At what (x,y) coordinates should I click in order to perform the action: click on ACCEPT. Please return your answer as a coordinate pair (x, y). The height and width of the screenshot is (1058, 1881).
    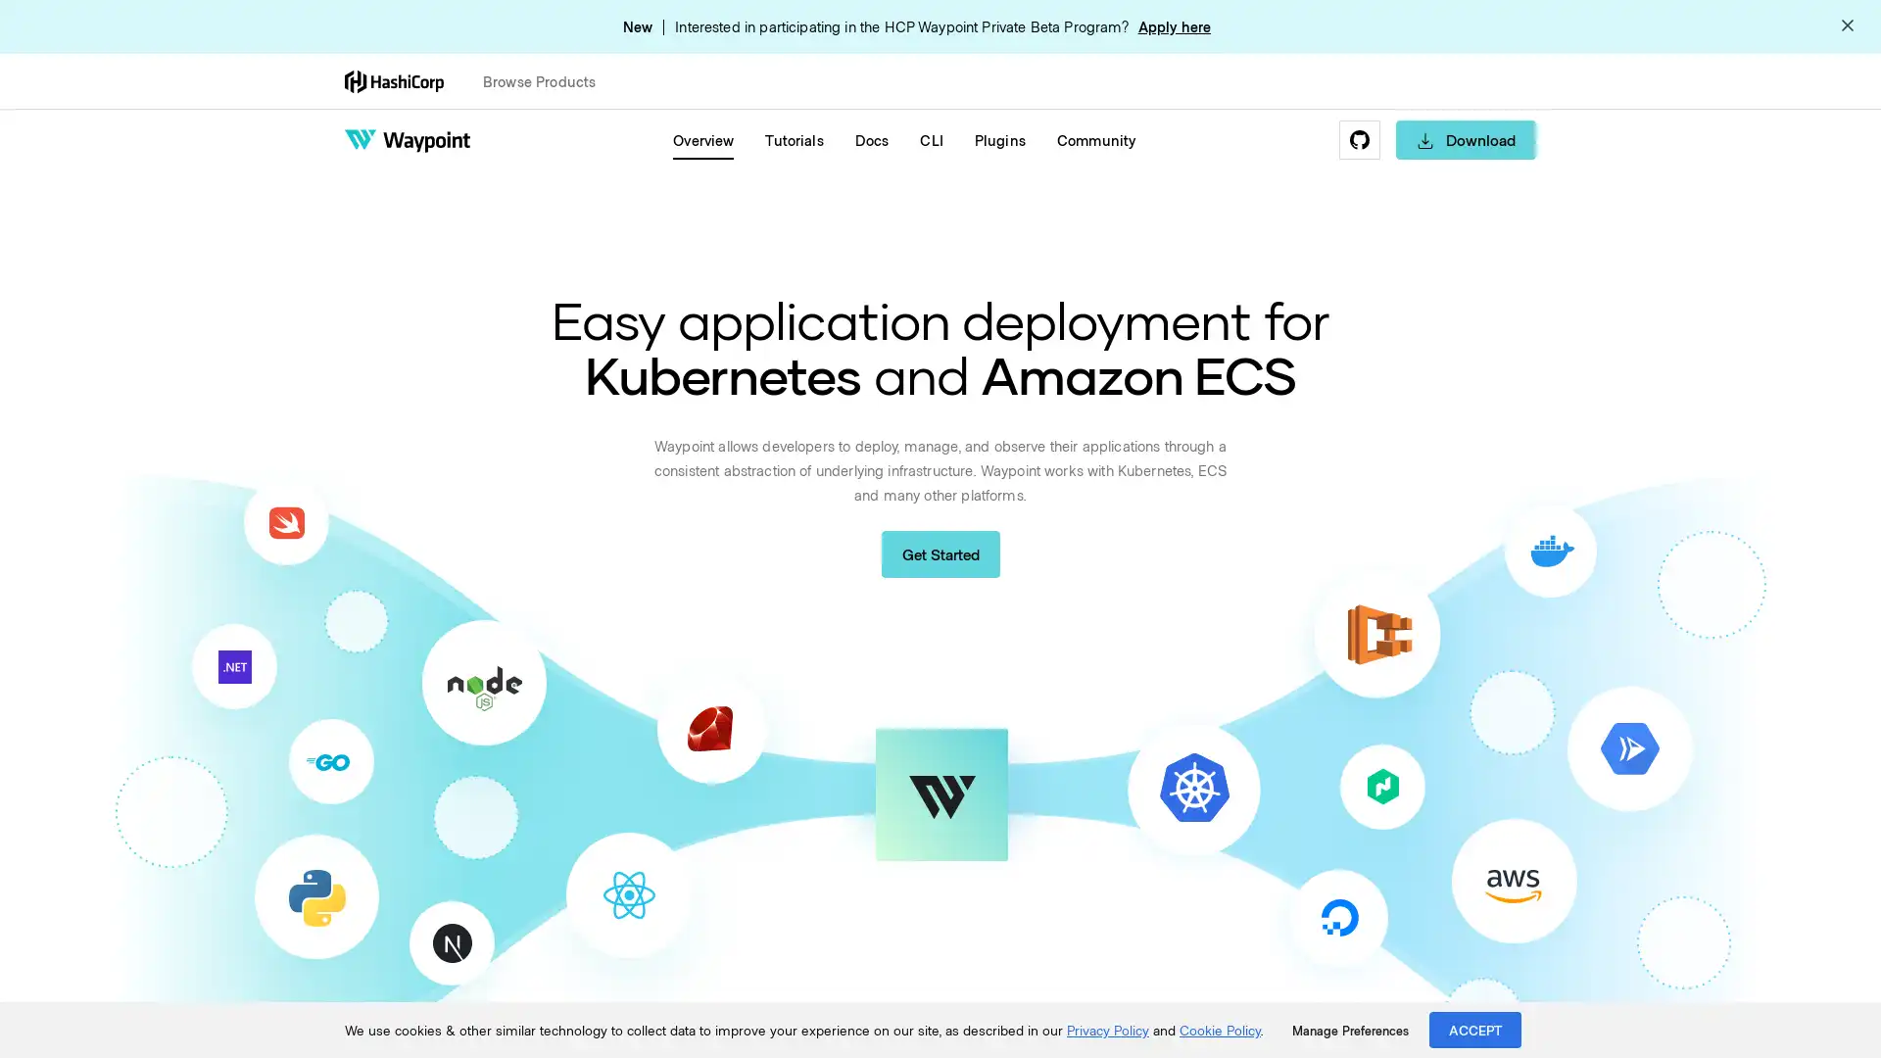
    Looking at the image, I should click on (1475, 1029).